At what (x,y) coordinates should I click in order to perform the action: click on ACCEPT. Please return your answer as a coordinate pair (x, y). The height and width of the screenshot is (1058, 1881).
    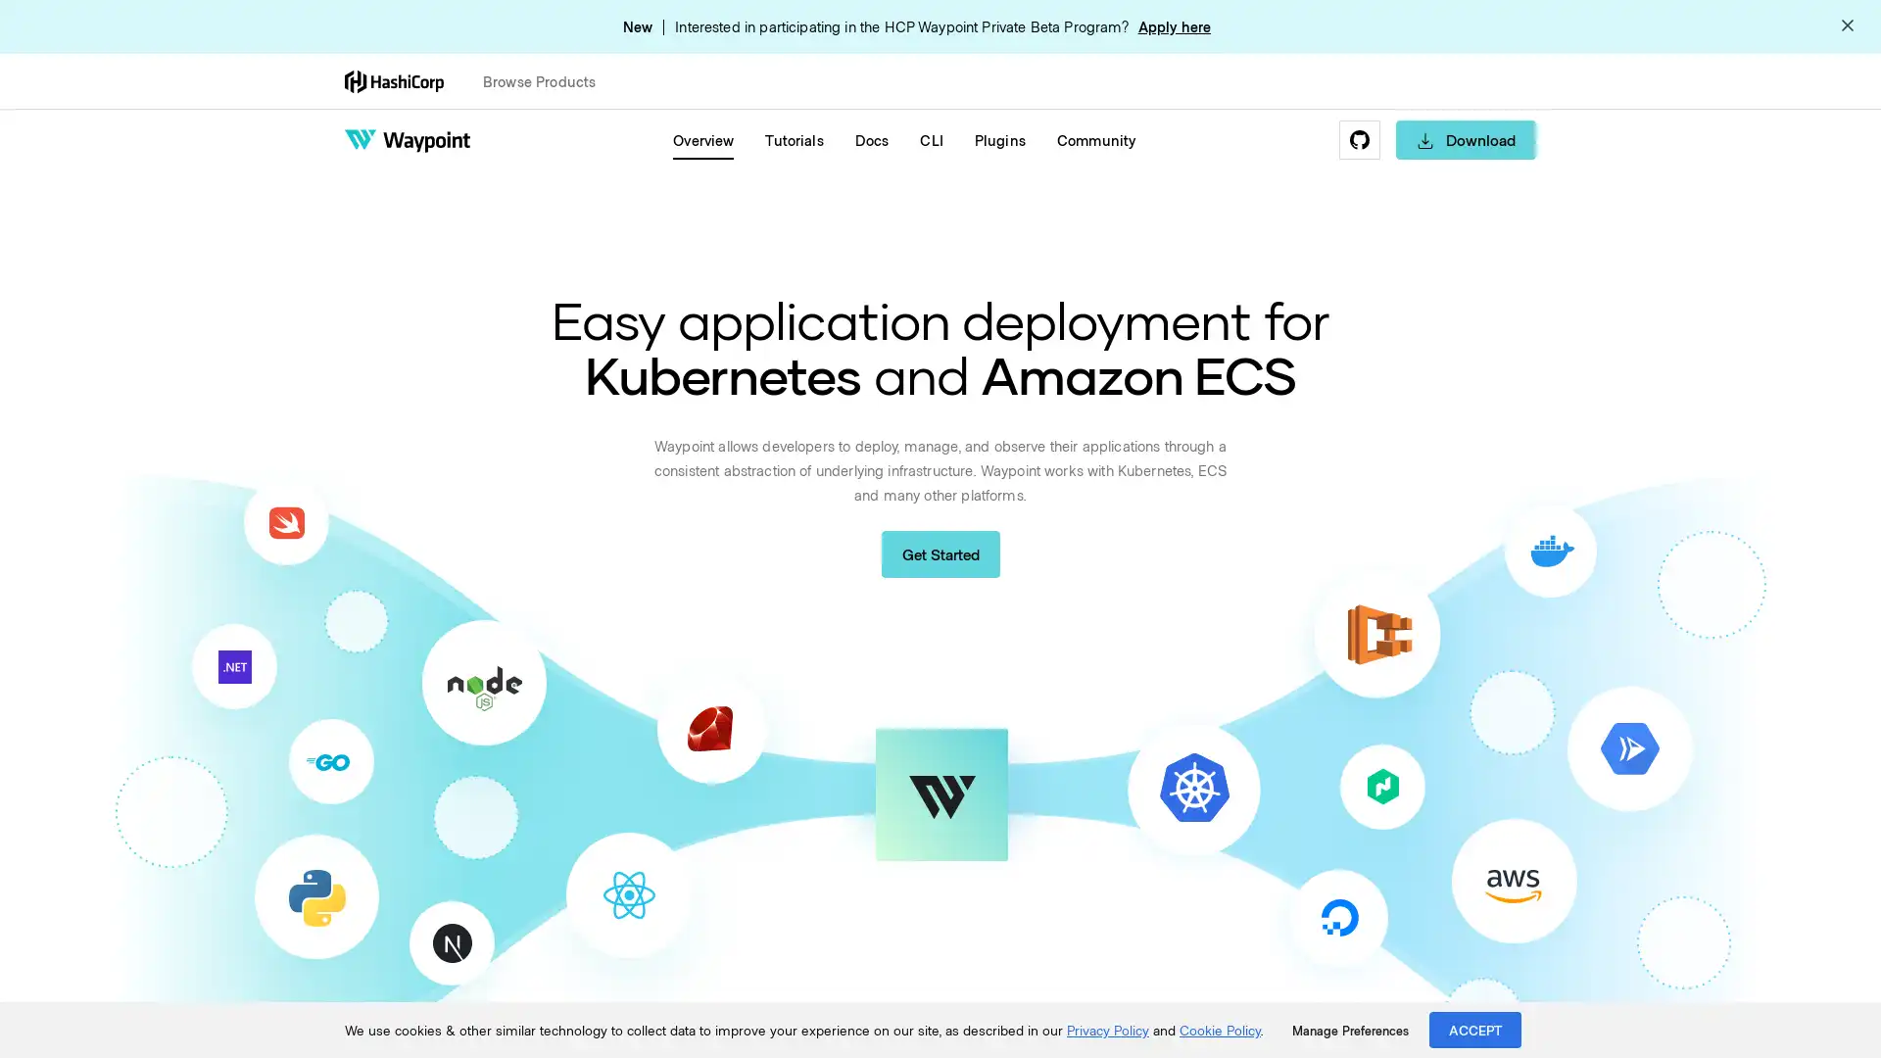
    Looking at the image, I should click on (1475, 1029).